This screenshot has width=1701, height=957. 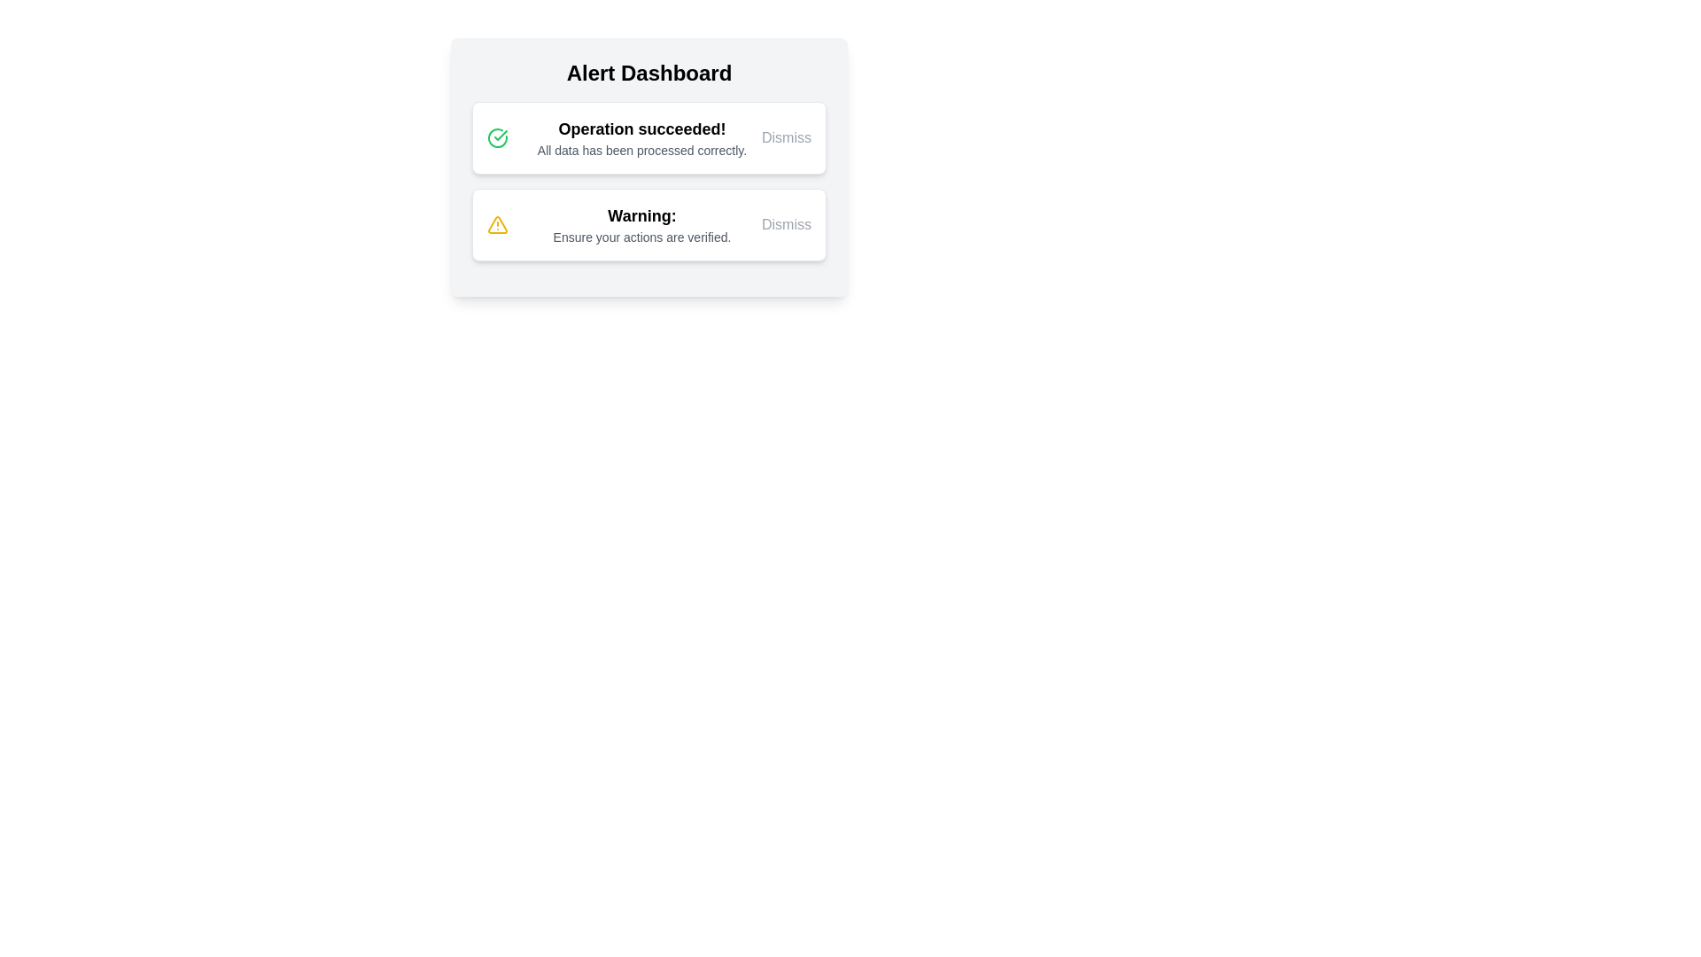 I want to click on the 'Dismiss' button for the alert with message 'Warning:', so click(x=786, y=224).